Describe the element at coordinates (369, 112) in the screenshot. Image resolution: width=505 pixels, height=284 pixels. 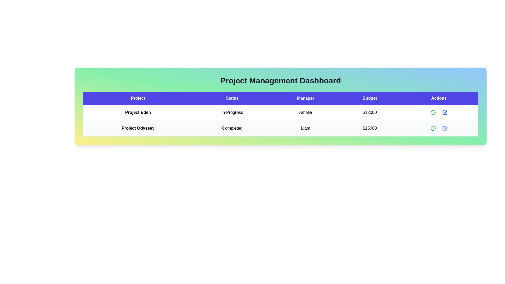
I see `the TableCell containing the text '$12000' in the 'Budget' column of the 'Project Eden' row` at that location.